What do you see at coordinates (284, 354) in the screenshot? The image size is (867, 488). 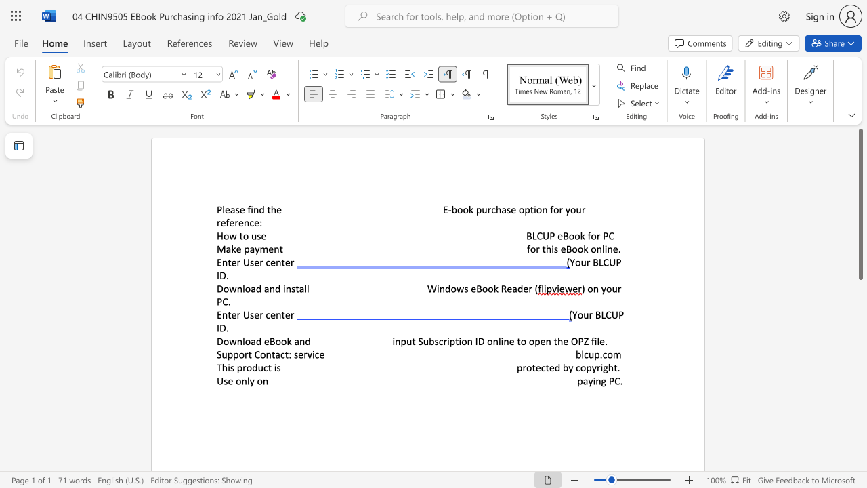 I see `the subset text "t: servic" within the text "Support Contact: service"` at bounding box center [284, 354].